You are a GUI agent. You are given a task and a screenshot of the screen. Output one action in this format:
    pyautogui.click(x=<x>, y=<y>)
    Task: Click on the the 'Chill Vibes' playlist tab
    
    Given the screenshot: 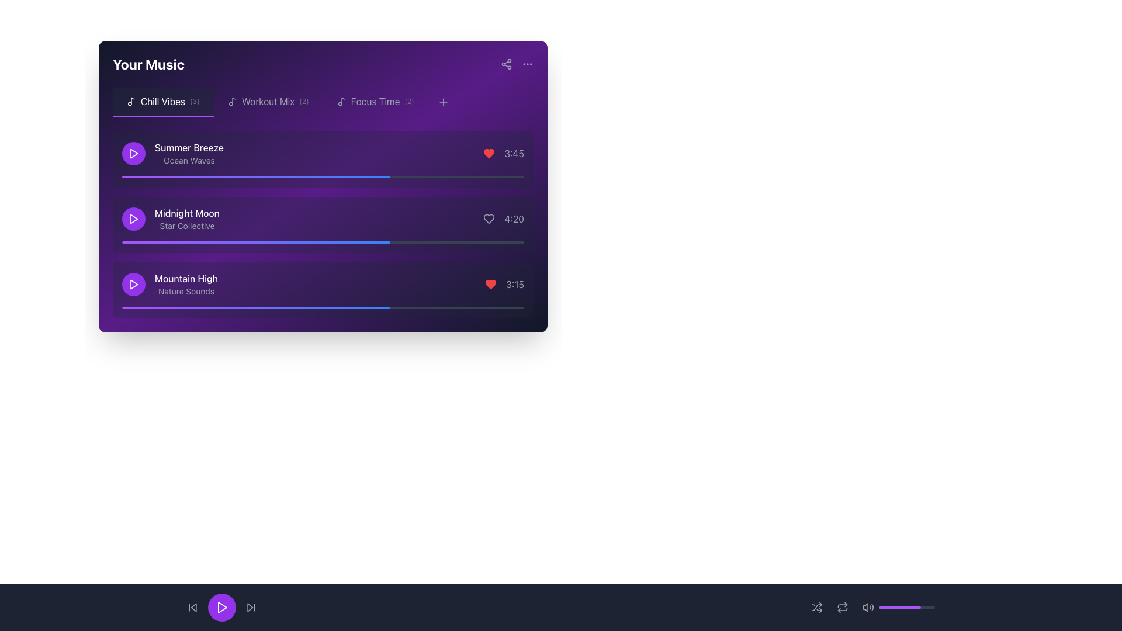 What is the action you would take?
    pyautogui.click(x=162, y=100)
    